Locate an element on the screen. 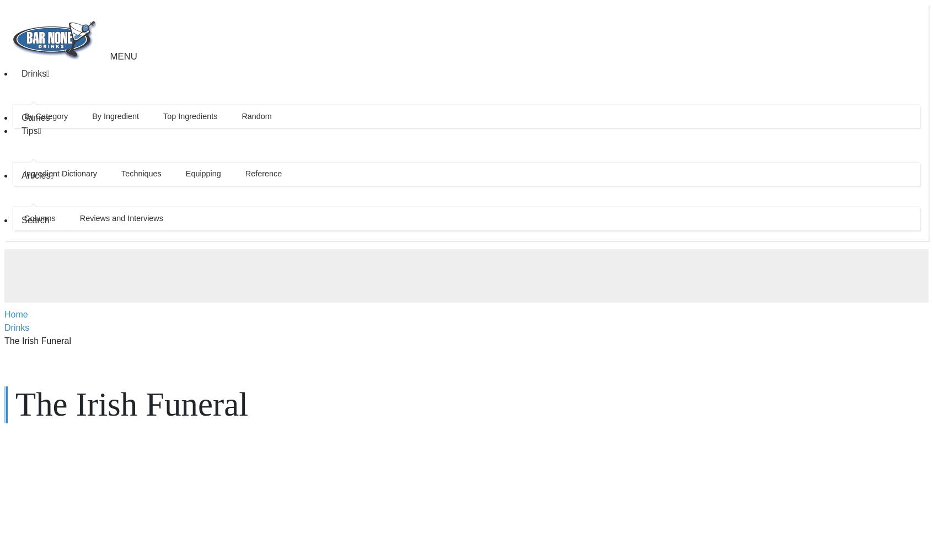  'Articles' is located at coordinates (35, 175).